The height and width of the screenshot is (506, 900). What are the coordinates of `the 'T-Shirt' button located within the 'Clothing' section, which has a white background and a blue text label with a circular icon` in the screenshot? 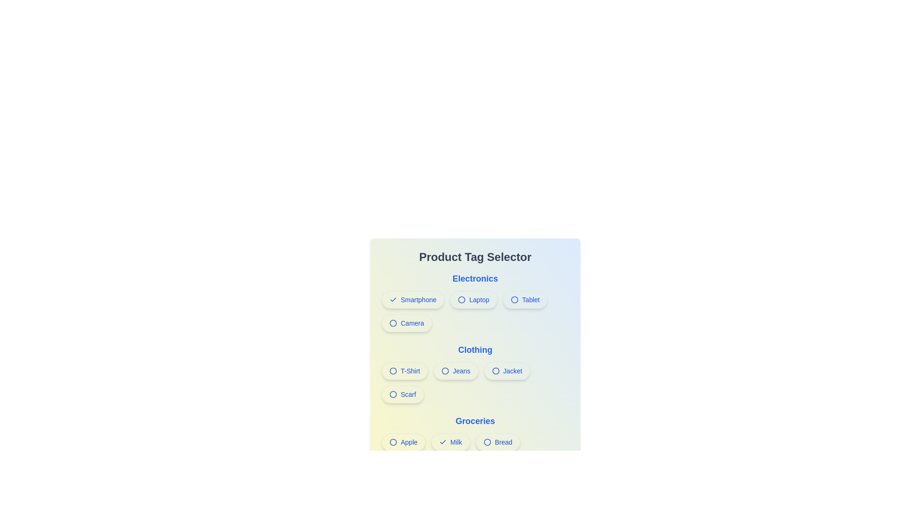 It's located at (405, 370).